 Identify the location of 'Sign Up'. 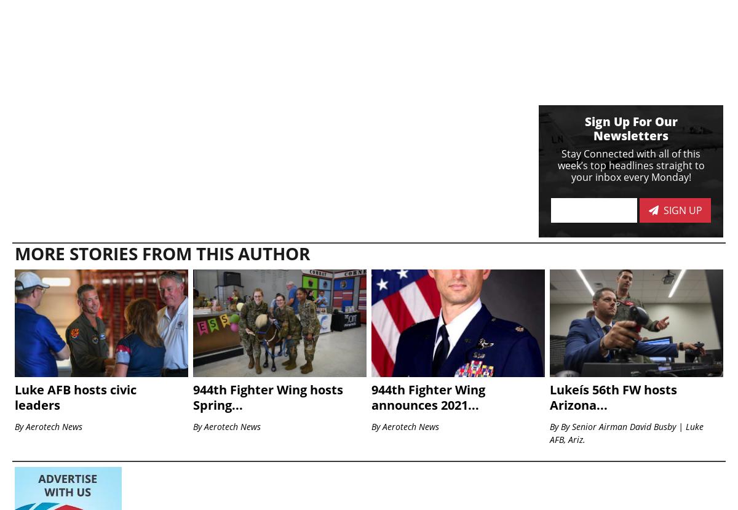
(681, 209).